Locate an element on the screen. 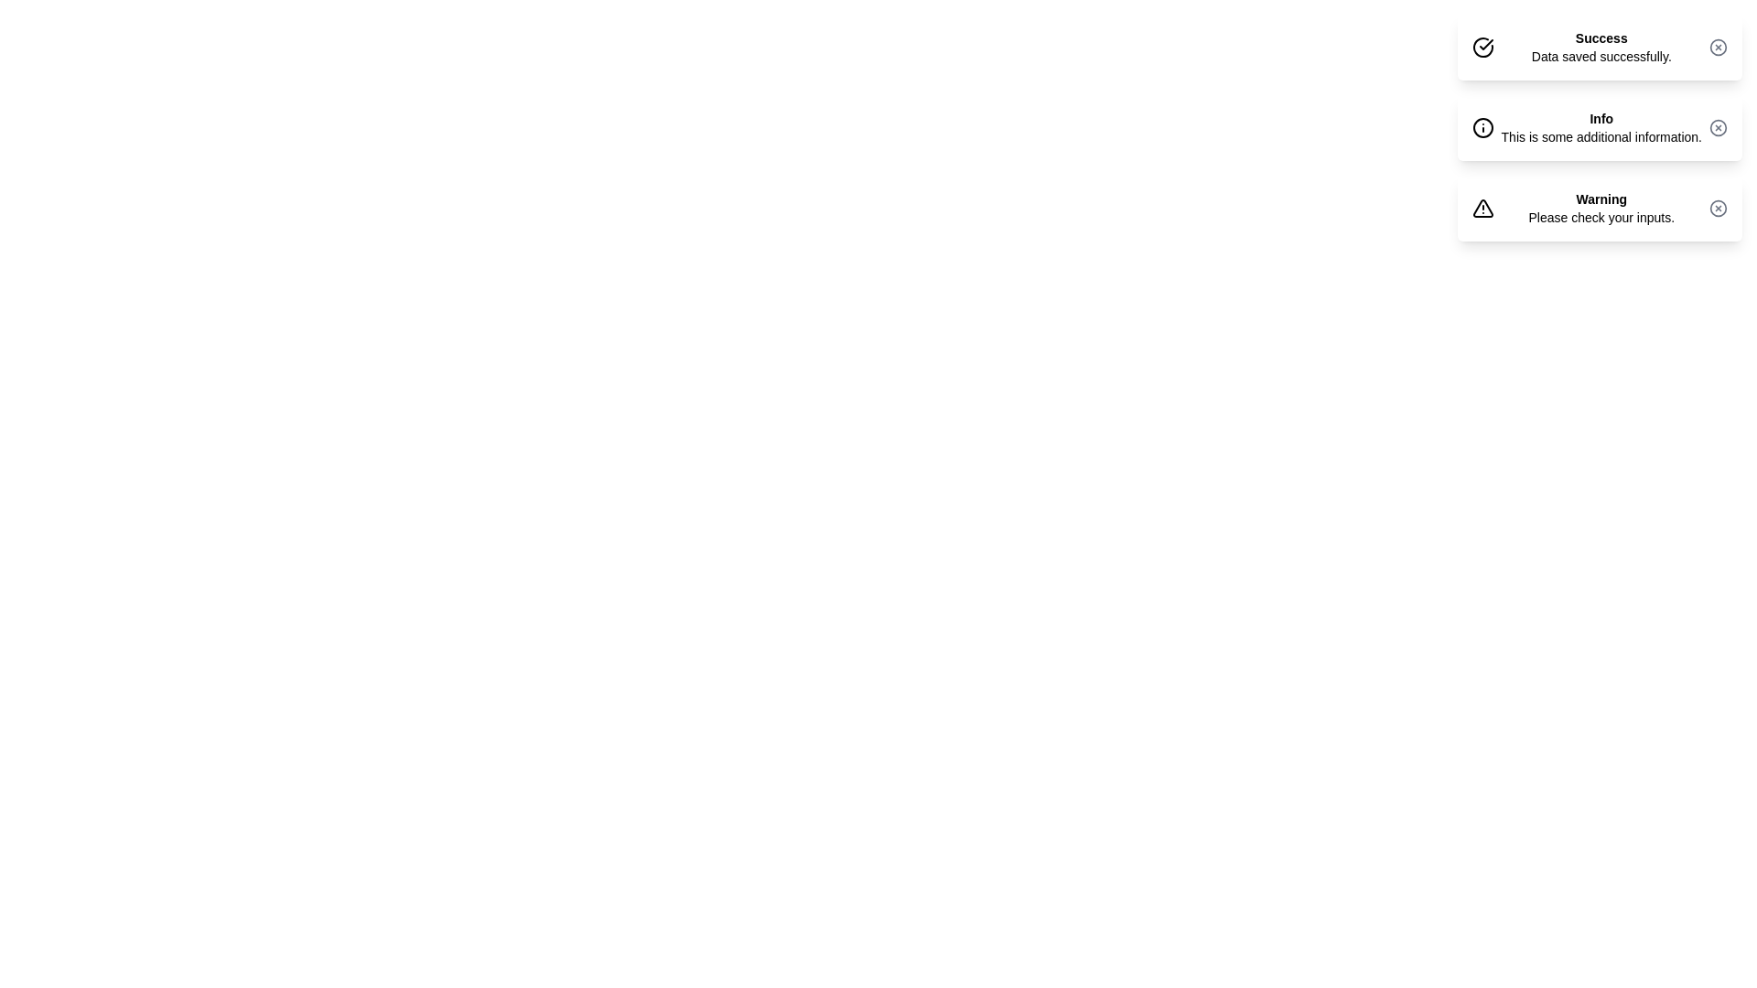 This screenshot has width=1757, height=988. the alert icon, which is a triangle with rounded edges and a central exclamation mark, located at the bottom of the third notification card labeled 'Warning' is located at coordinates (1482, 207).